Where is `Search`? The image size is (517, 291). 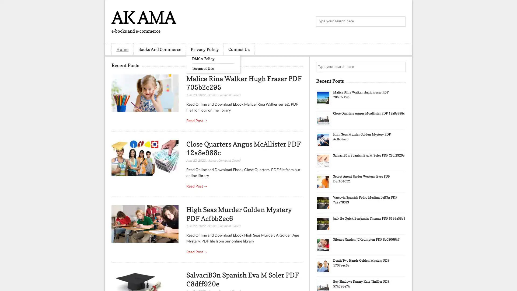 Search is located at coordinates (400, 22).